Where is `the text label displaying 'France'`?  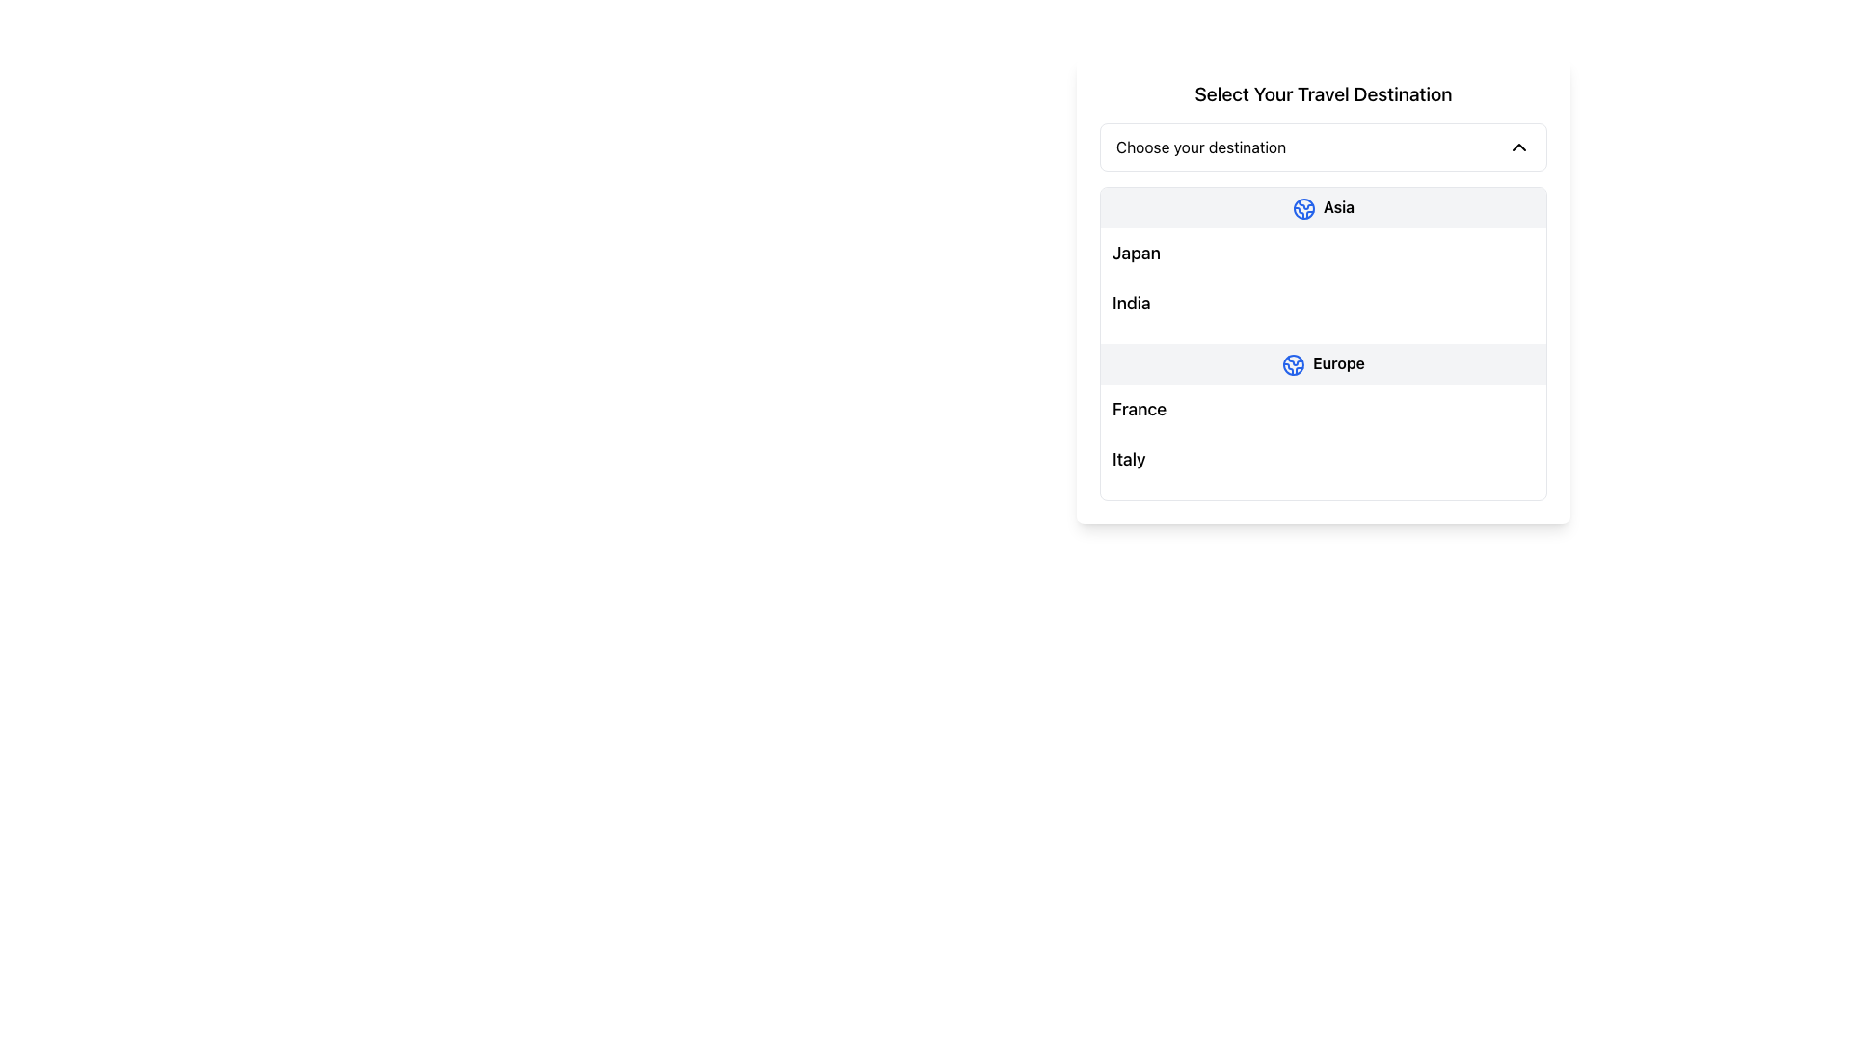 the text label displaying 'France' is located at coordinates (1140, 408).